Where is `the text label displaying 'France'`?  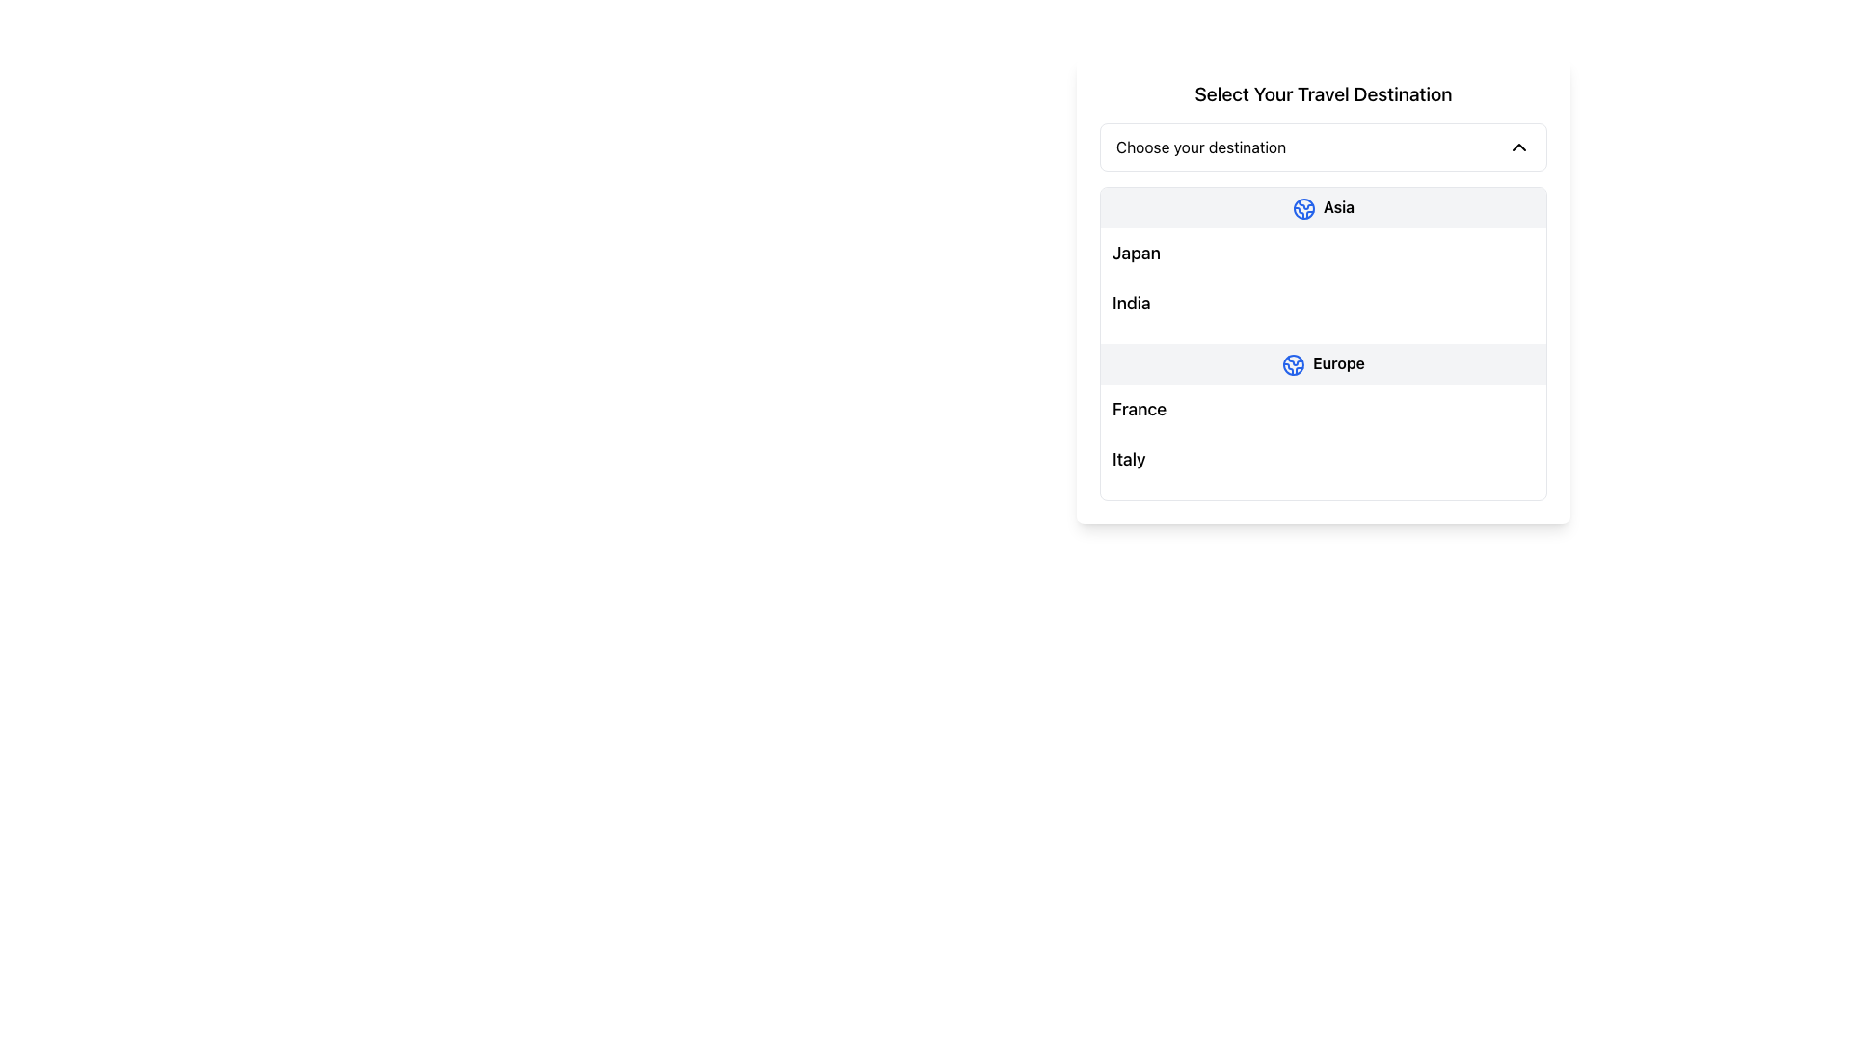 the text label displaying 'France' is located at coordinates (1140, 408).